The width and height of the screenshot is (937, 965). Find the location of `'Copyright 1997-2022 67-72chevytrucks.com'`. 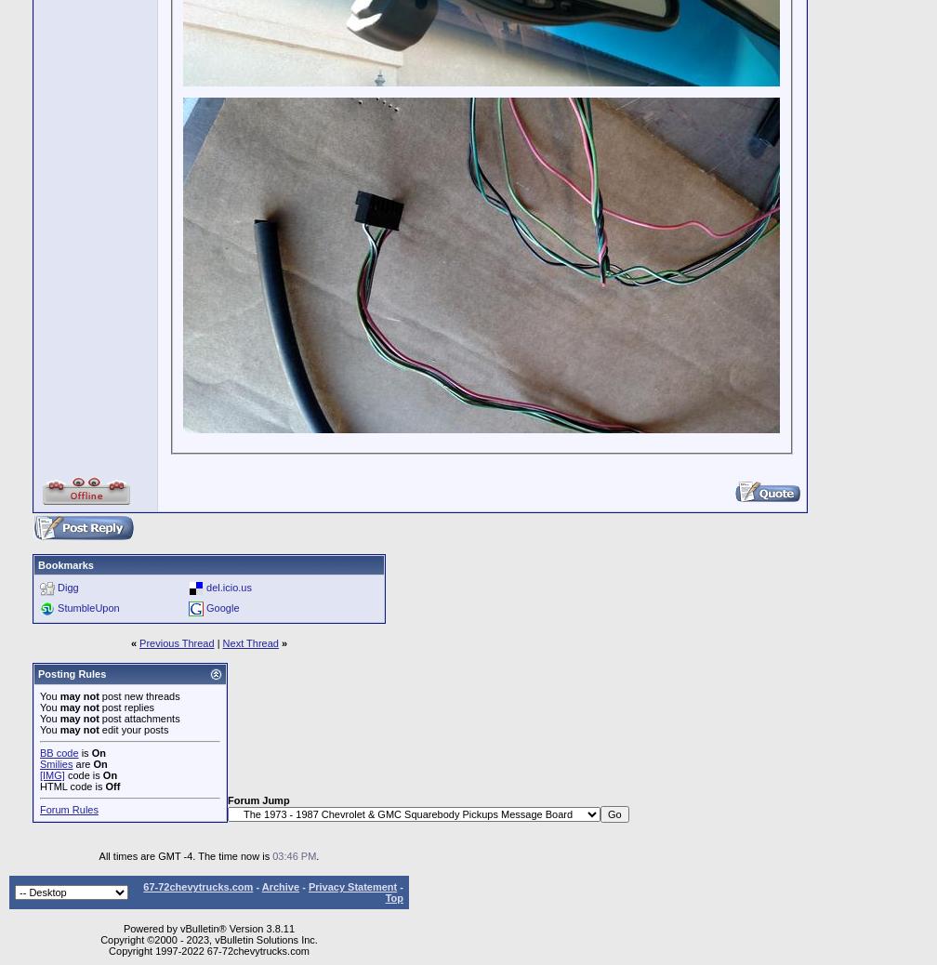

'Copyright 1997-2022 67-72chevytrucks.com' is located at coordinates (208, 950).